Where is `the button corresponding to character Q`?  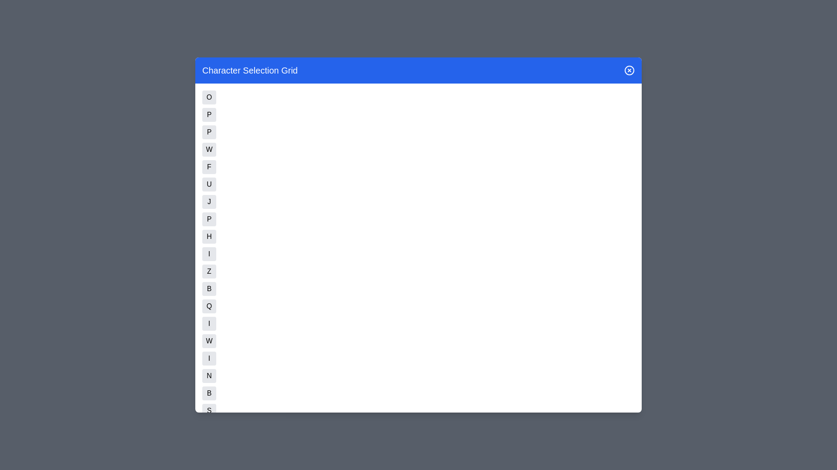 the button corresponding to character Q is located at coordinates (209, 306).